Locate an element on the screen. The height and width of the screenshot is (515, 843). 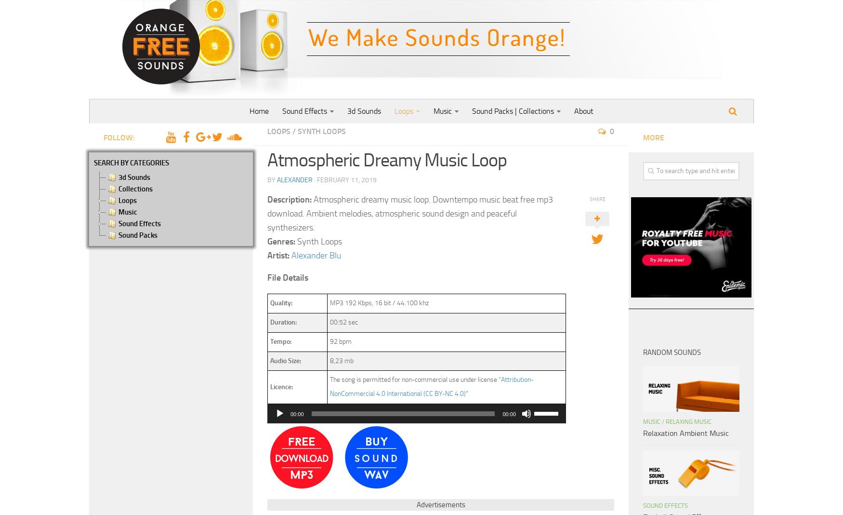
'Follow:' is located at coordinates (119, 137).